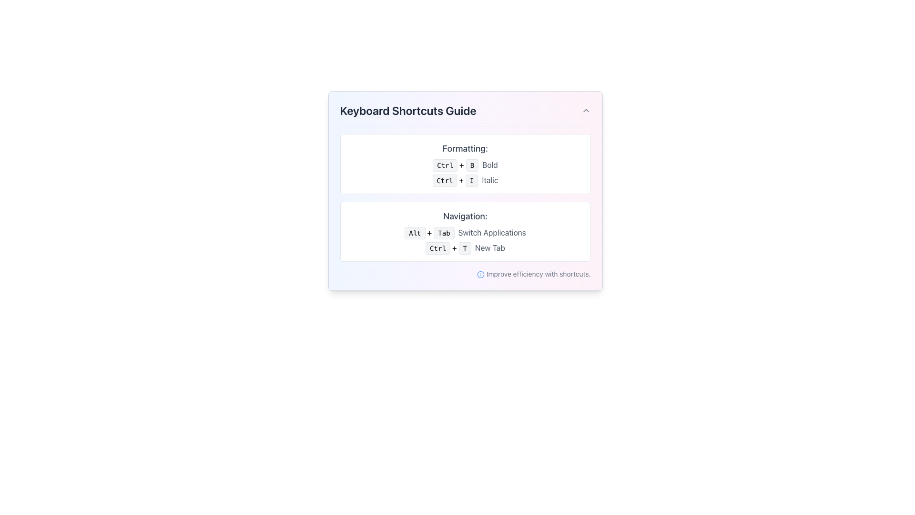 The image size is (915, 515). What do you see at coordinates (472, 165) in the screenshot?
I see `the button-like representation for the keyboard key displaying the letter 'B', which is part of the keyboard shortcut guide in the Formatting category` at bounding box center [472, 165].